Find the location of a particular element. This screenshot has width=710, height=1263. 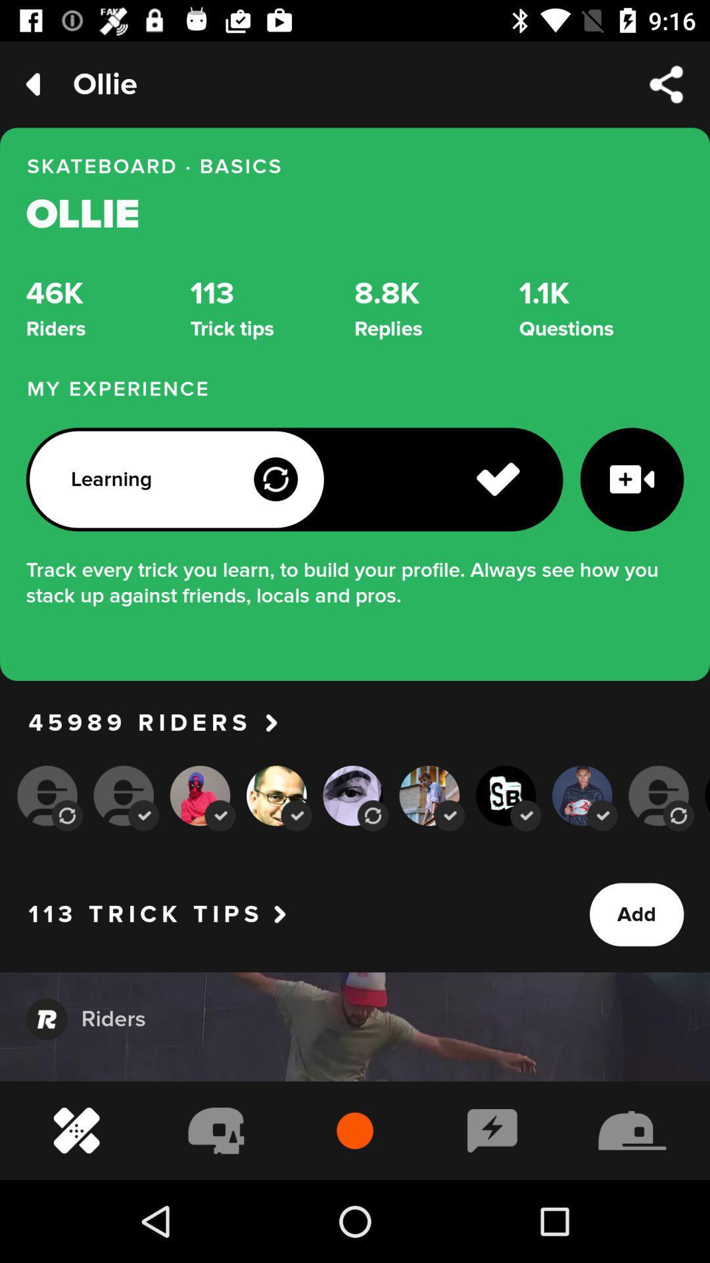

the share icon is located at coordinates (667, 84).